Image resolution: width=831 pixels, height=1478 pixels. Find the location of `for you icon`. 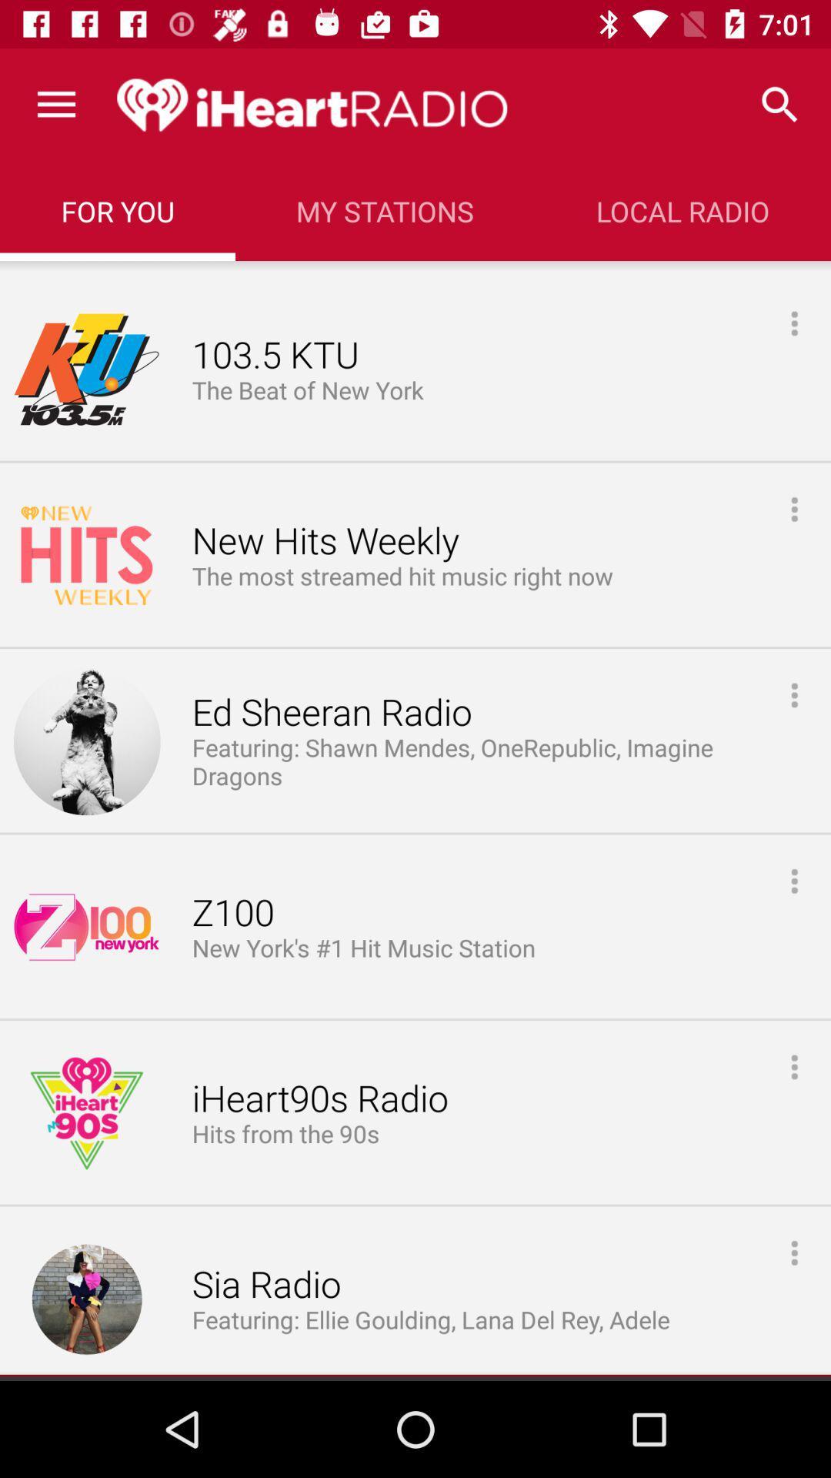

for you icon is located at coordinates (117, 210).